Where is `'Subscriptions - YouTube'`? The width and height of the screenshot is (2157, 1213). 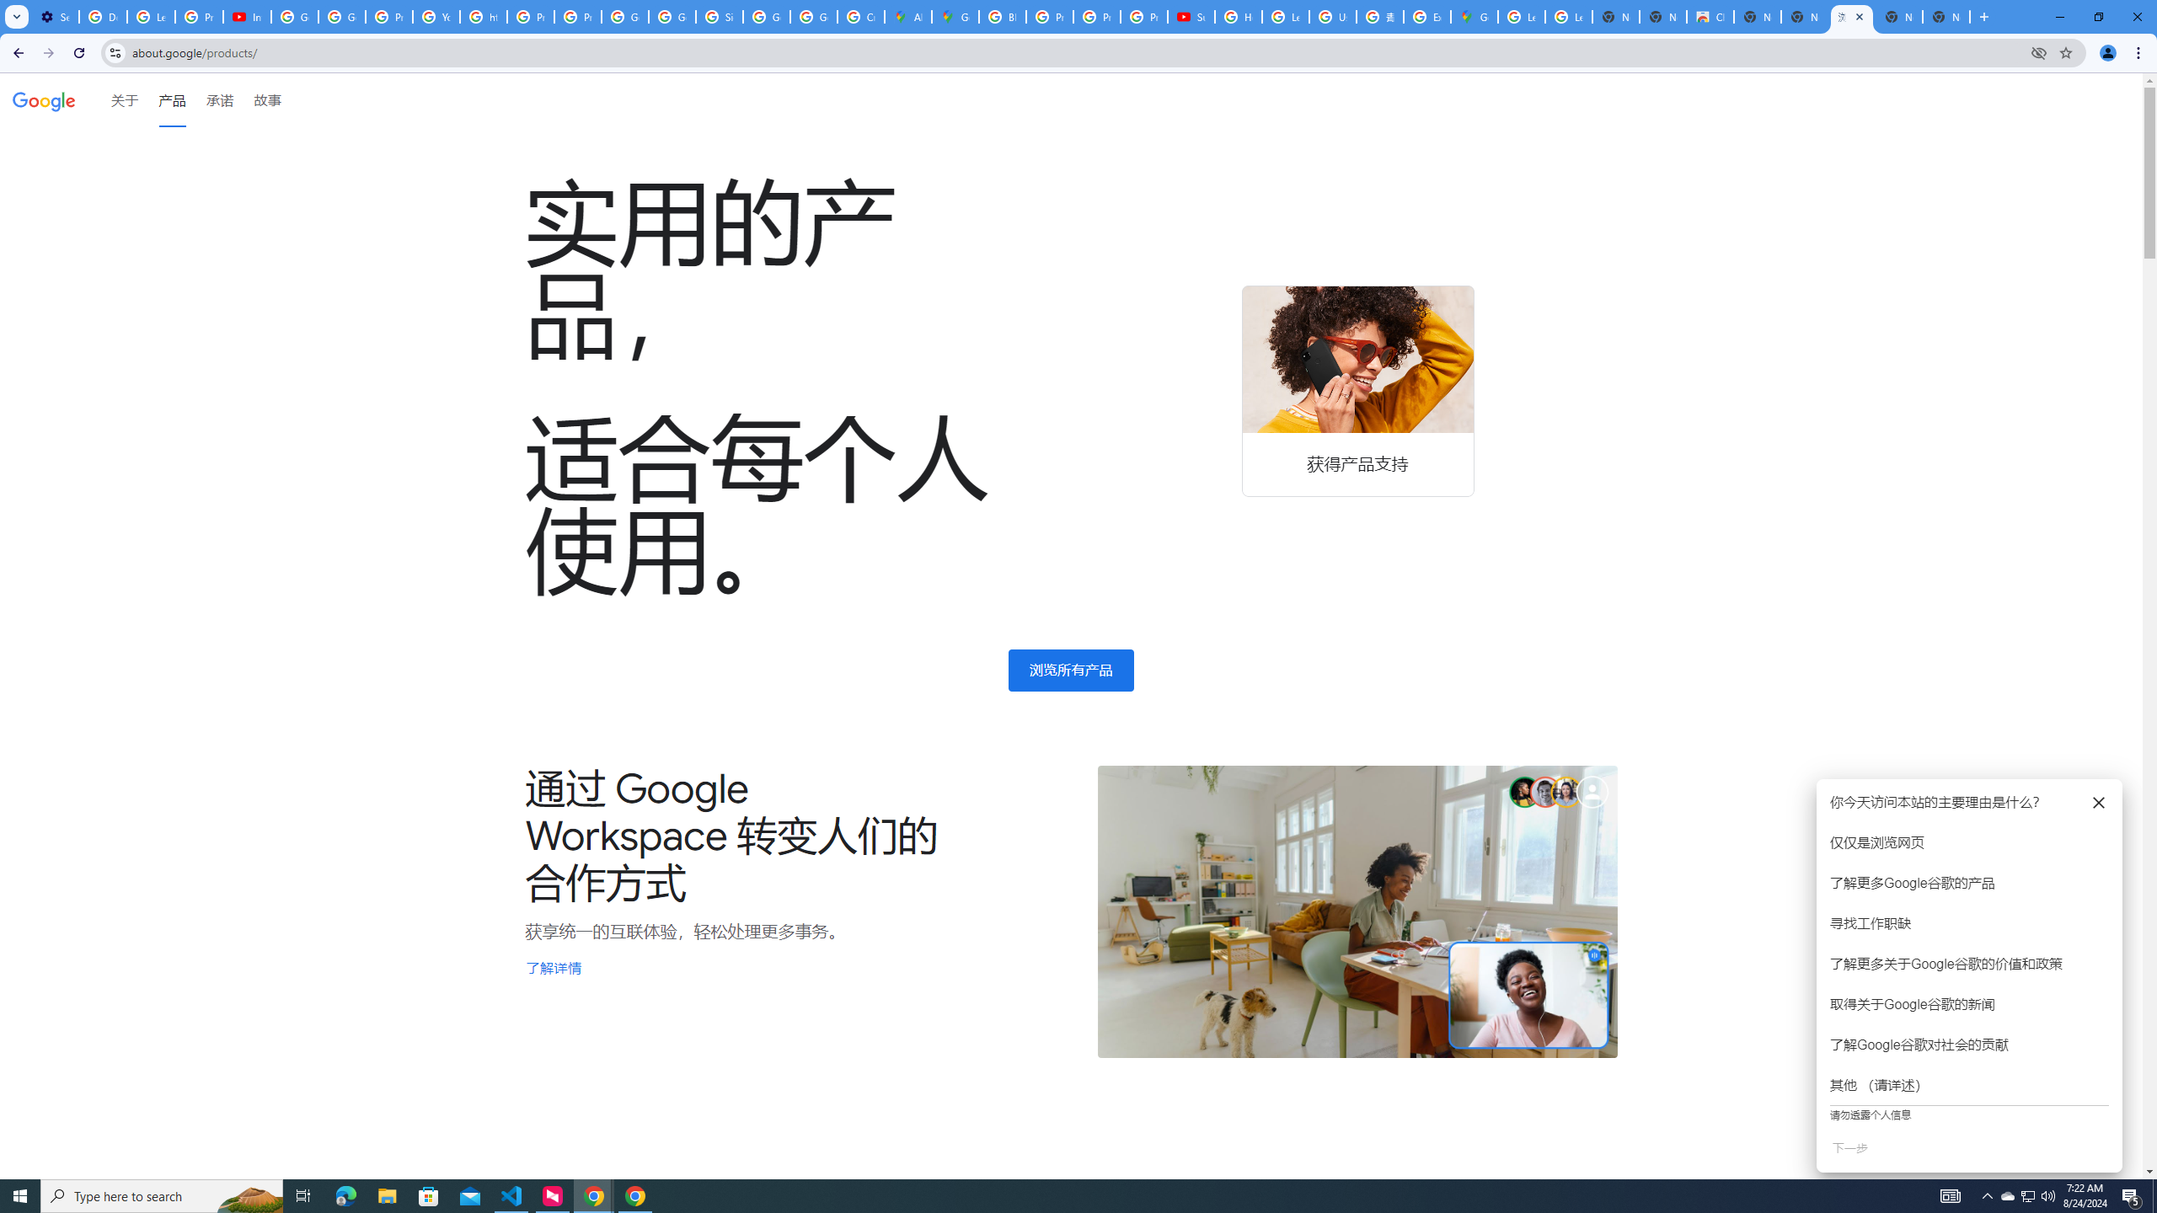 'Subscriptions - YouTube' is located at coordinates (1191, 16).